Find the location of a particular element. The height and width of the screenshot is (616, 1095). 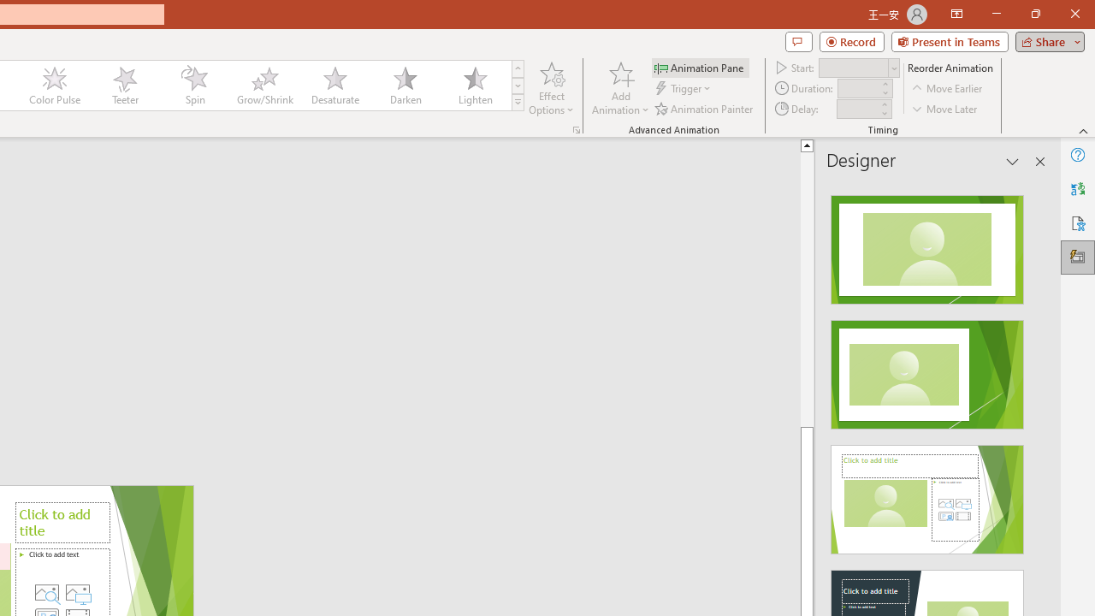

'Add Animation' is located at coordinates (619, 88).